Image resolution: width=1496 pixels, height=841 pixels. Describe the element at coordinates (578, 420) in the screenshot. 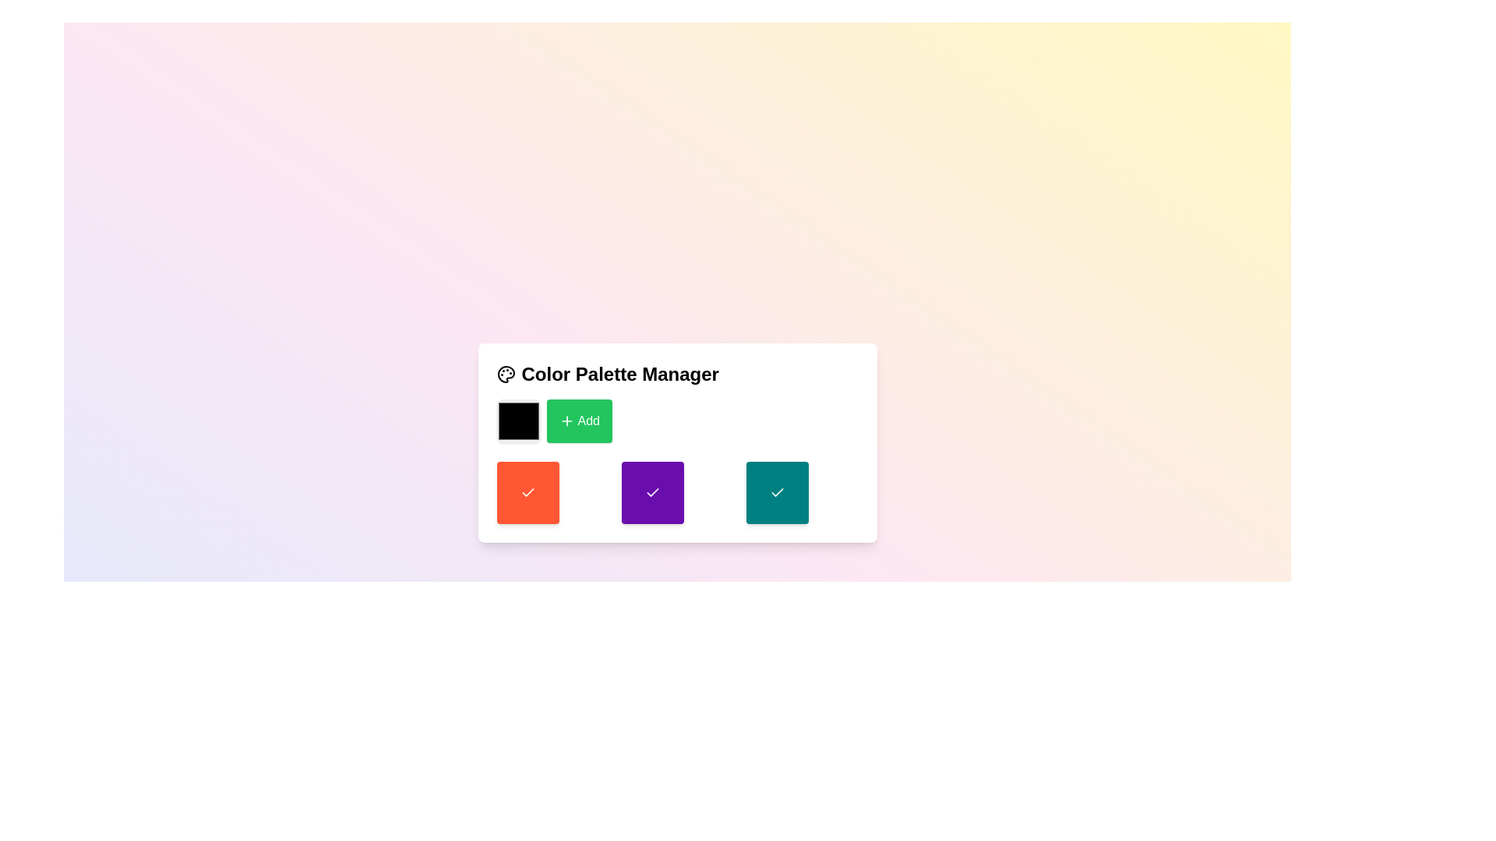

I see `the 'Add' button located to the right of the black color swatch in the second position within the Color Palette Manager section` at that location.